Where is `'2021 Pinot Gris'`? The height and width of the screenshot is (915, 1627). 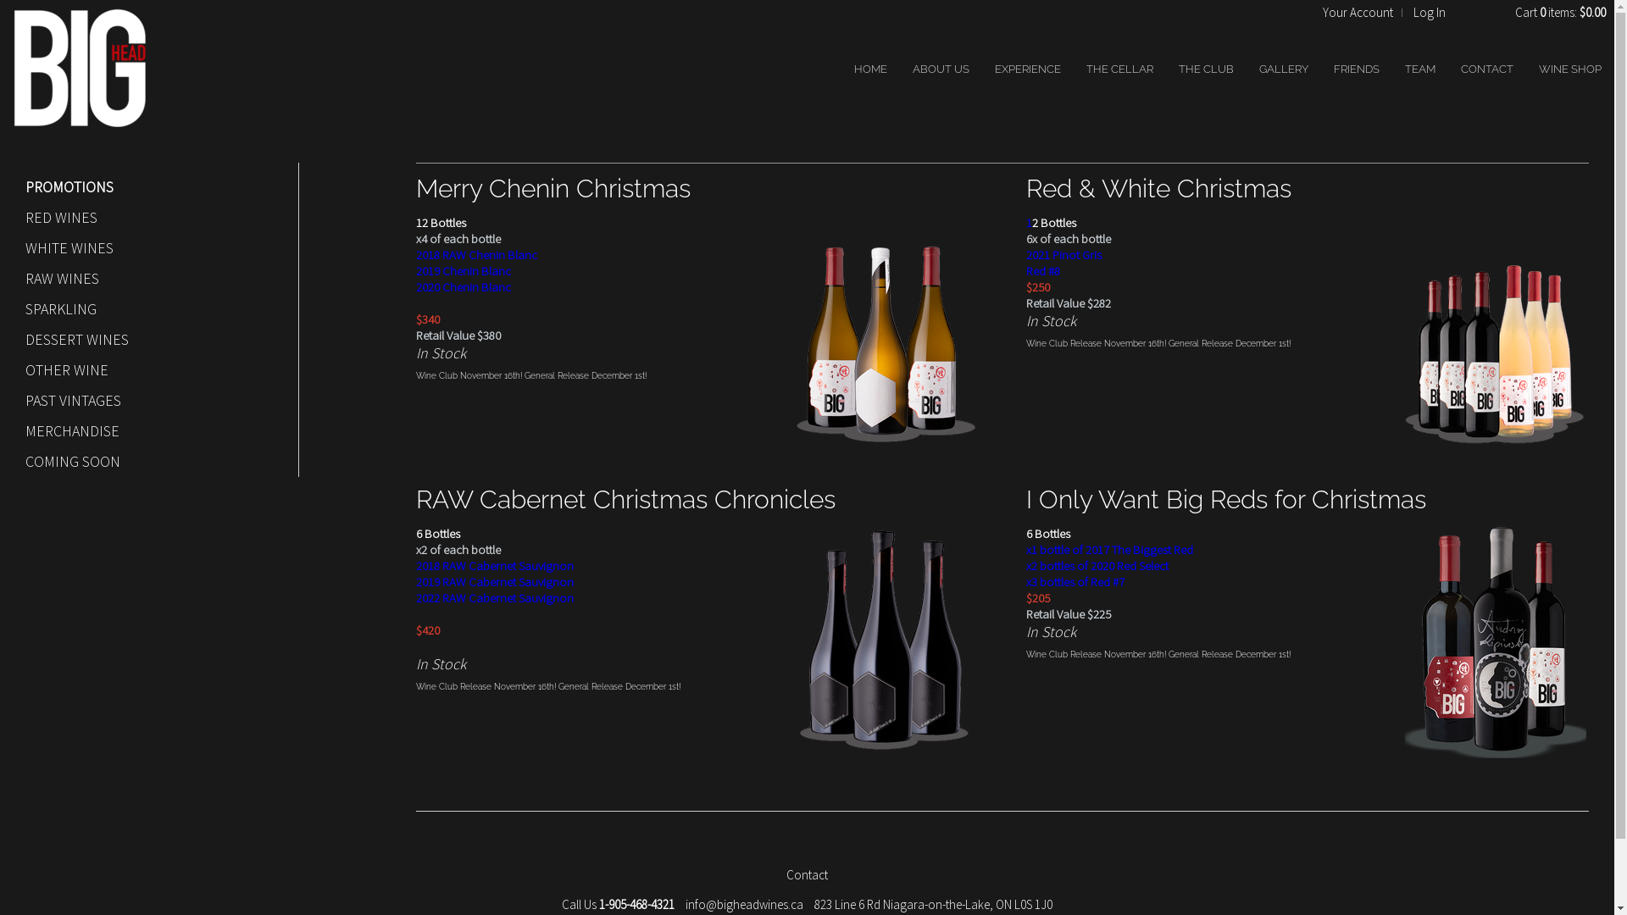 '2021 Pinot Gris' is located at coordinates (1063, 254).